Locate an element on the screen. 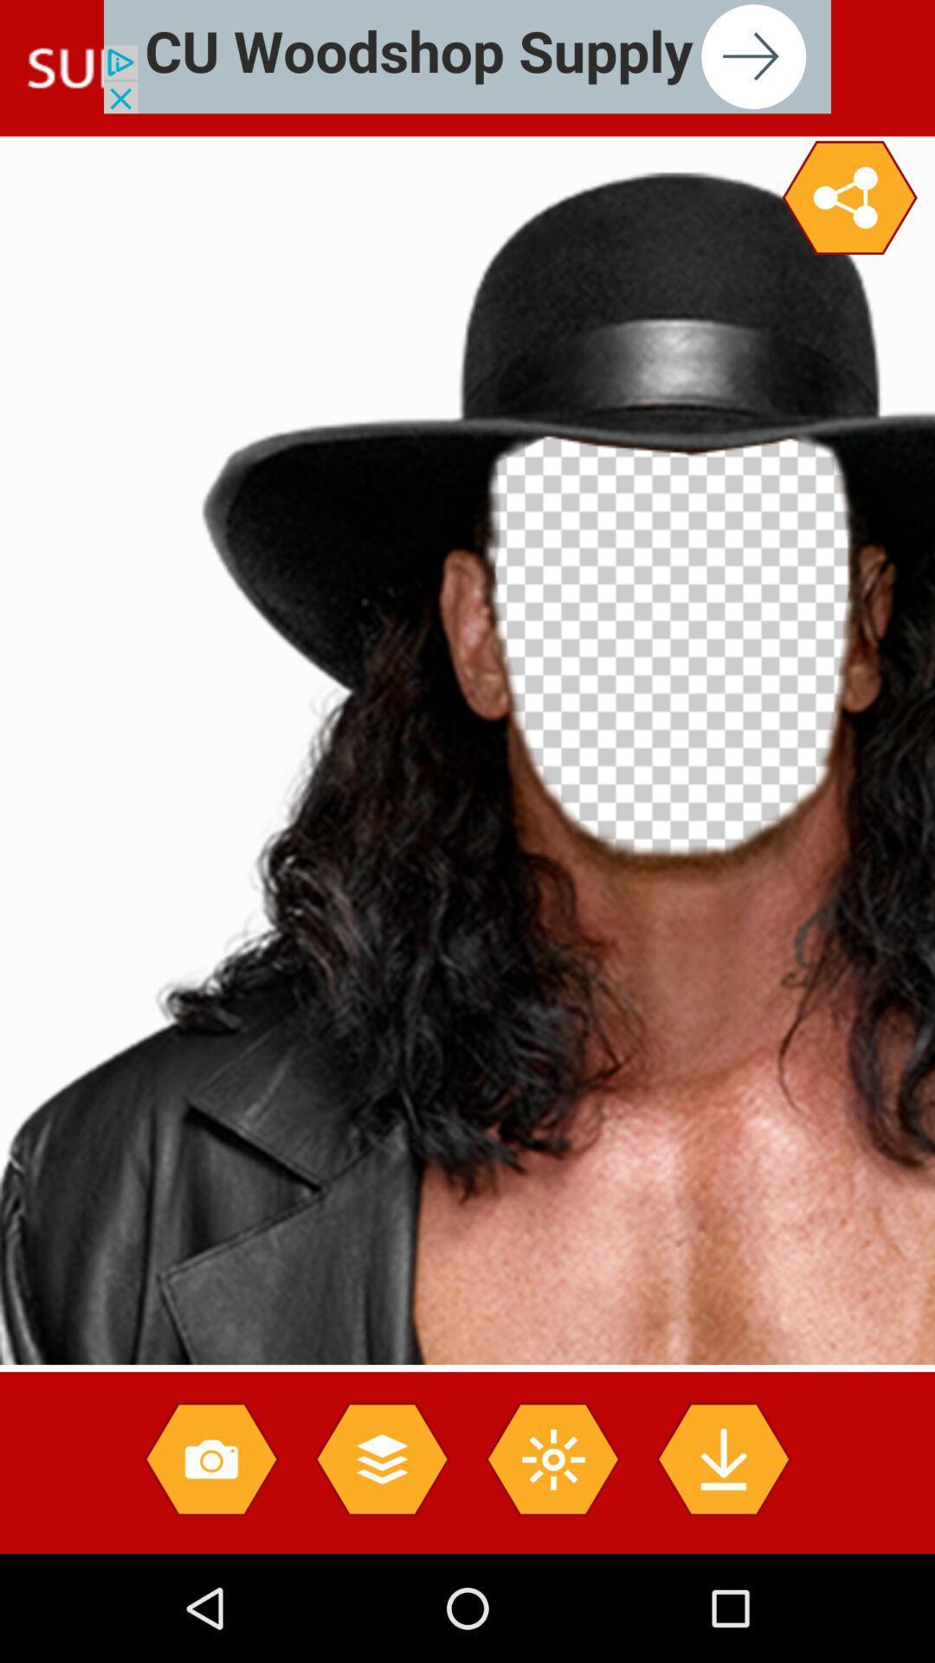  the file_download icon is located at coordinates (723, 1458).